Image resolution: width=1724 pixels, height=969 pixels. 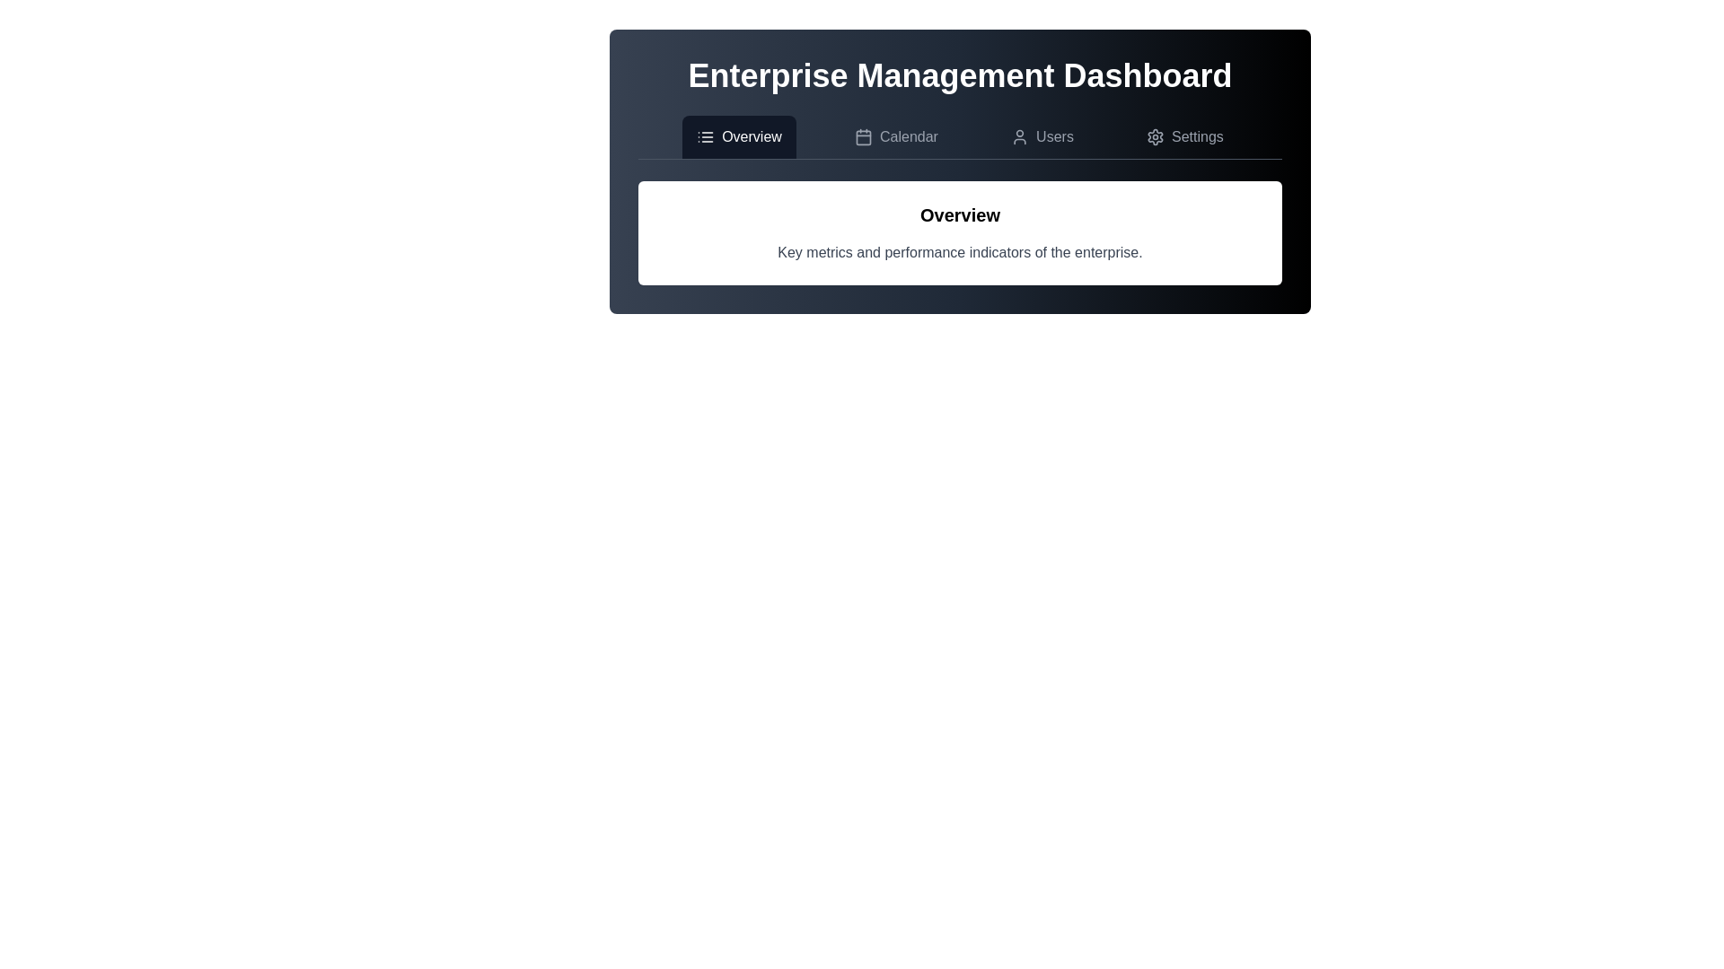 I want to click on text label displaying 'Users' in light gray within the top navigation bar, located between the 'Calendar' and 'Settings' menu options, so click(x=1055, y=136).